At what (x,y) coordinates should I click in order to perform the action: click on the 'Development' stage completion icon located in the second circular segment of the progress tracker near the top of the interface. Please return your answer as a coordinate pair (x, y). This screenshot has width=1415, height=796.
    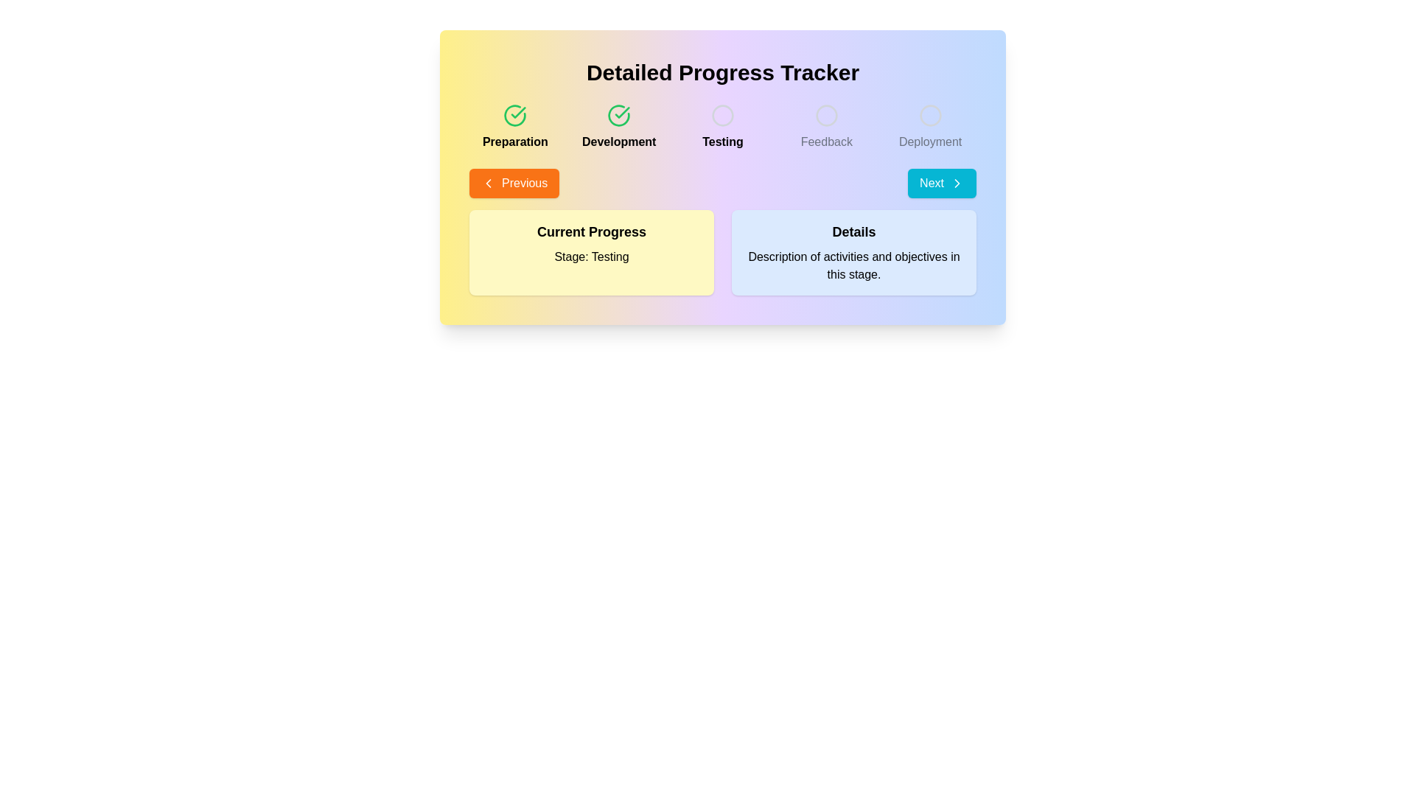
    Looking at the image, I should click on (619, 115).